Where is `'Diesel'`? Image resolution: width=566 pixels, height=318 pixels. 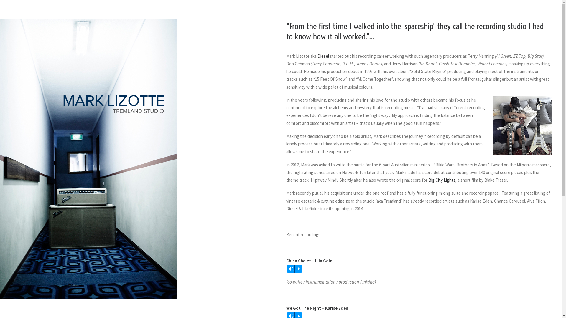 'Diesel' is located at coordinates (323, 56).